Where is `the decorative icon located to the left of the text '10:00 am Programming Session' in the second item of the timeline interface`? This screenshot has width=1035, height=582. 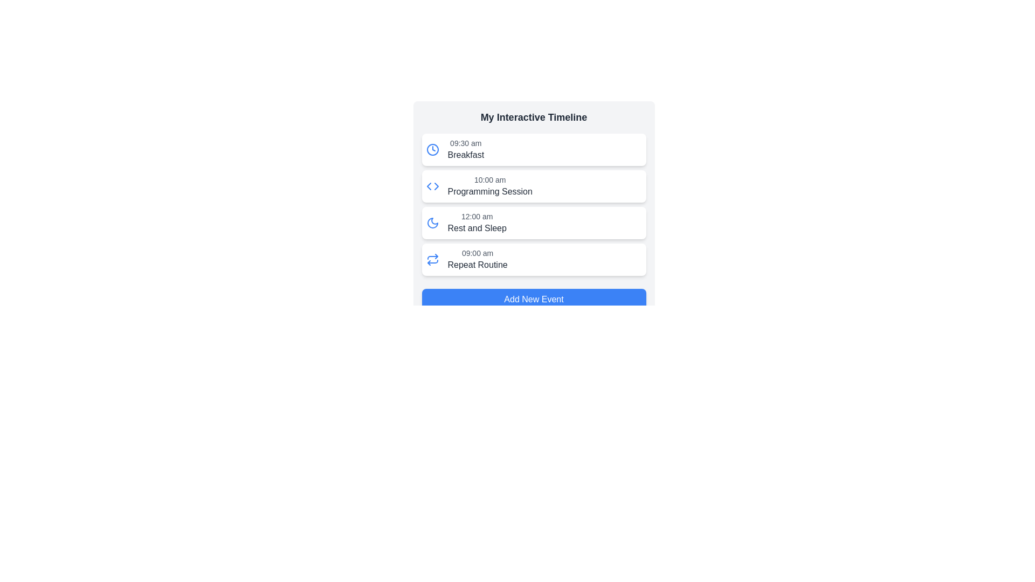
the decorative icon located to the left of the text '10:00 am Programming Session' in the second item of the timeline interface is located at coordinates (432, 186).